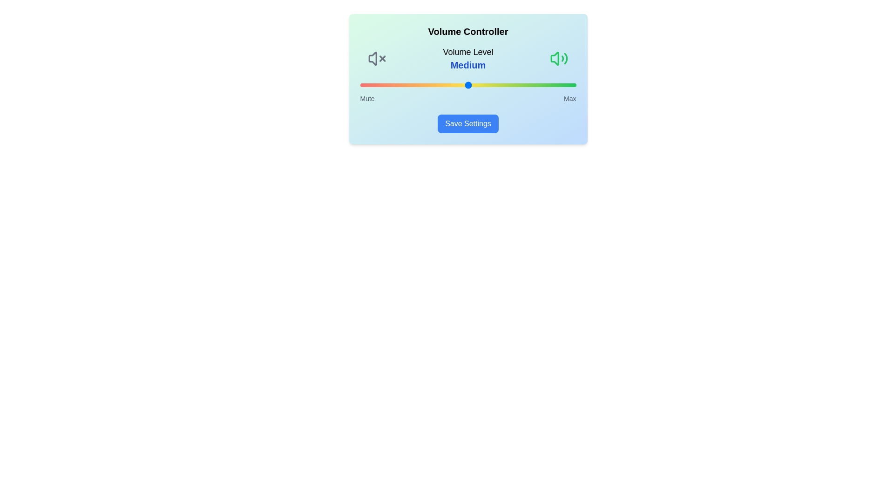  What do you see at coordinates (559, 59) in the screenshot?
I see `the max icon to toggle its functionality` at bounding box center [559, 59].